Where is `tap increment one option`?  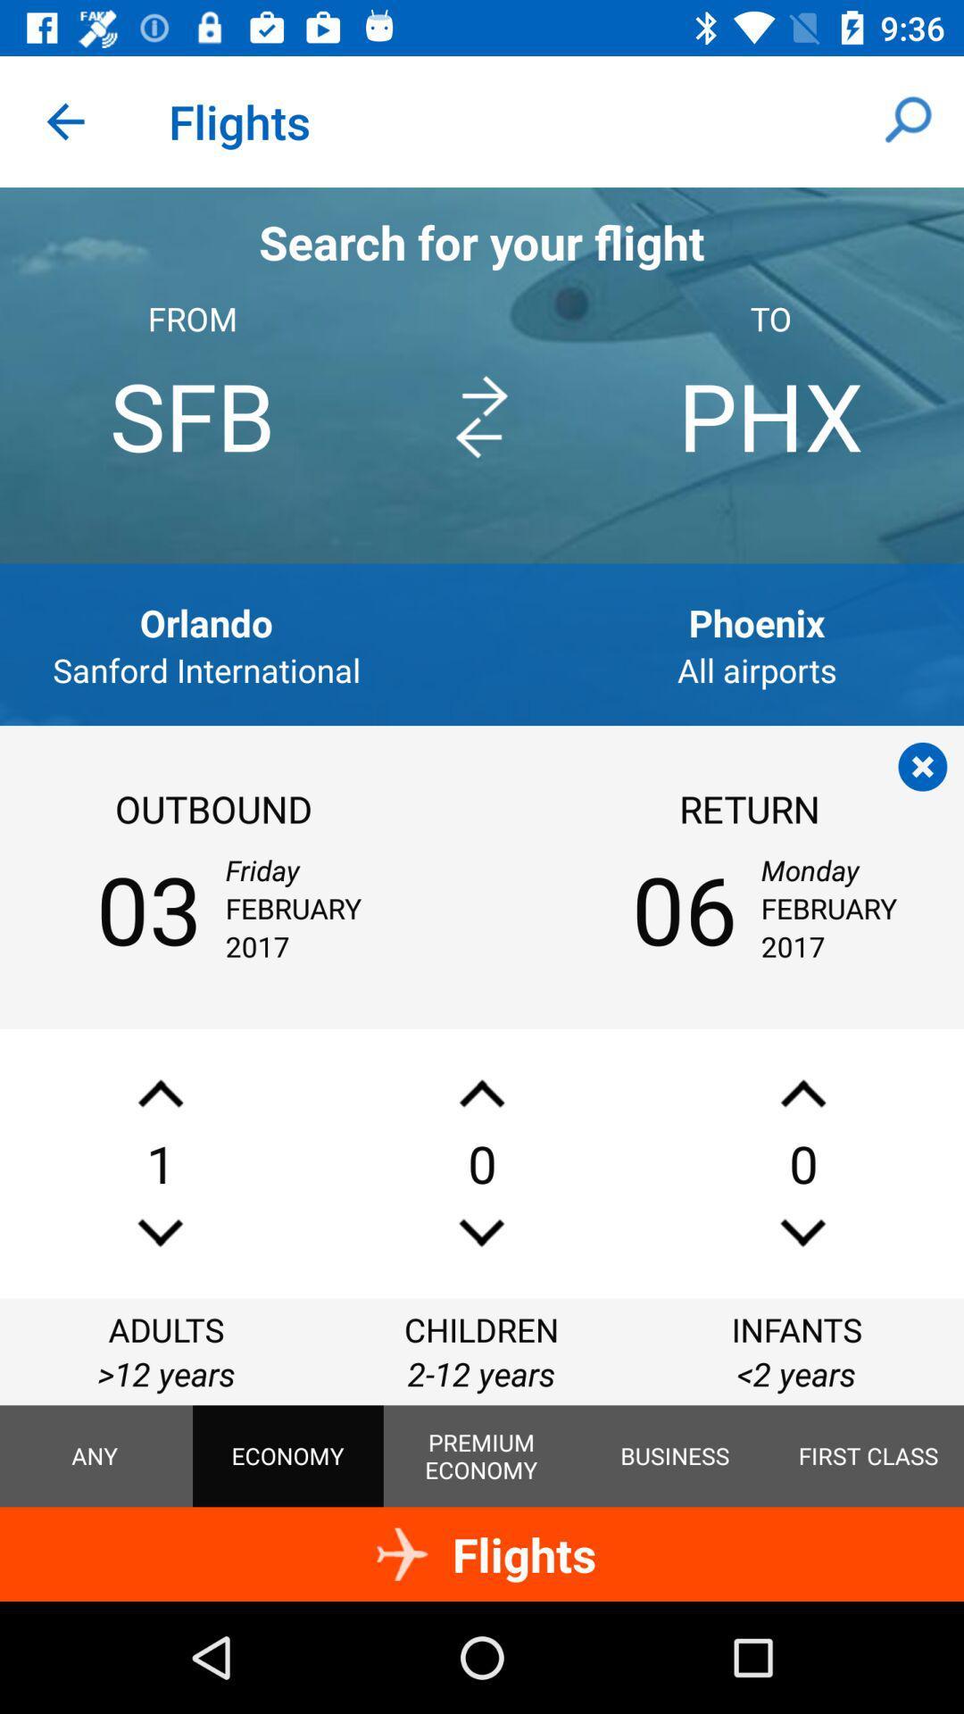 tap increment one option is located at coordinates (482, 1093).